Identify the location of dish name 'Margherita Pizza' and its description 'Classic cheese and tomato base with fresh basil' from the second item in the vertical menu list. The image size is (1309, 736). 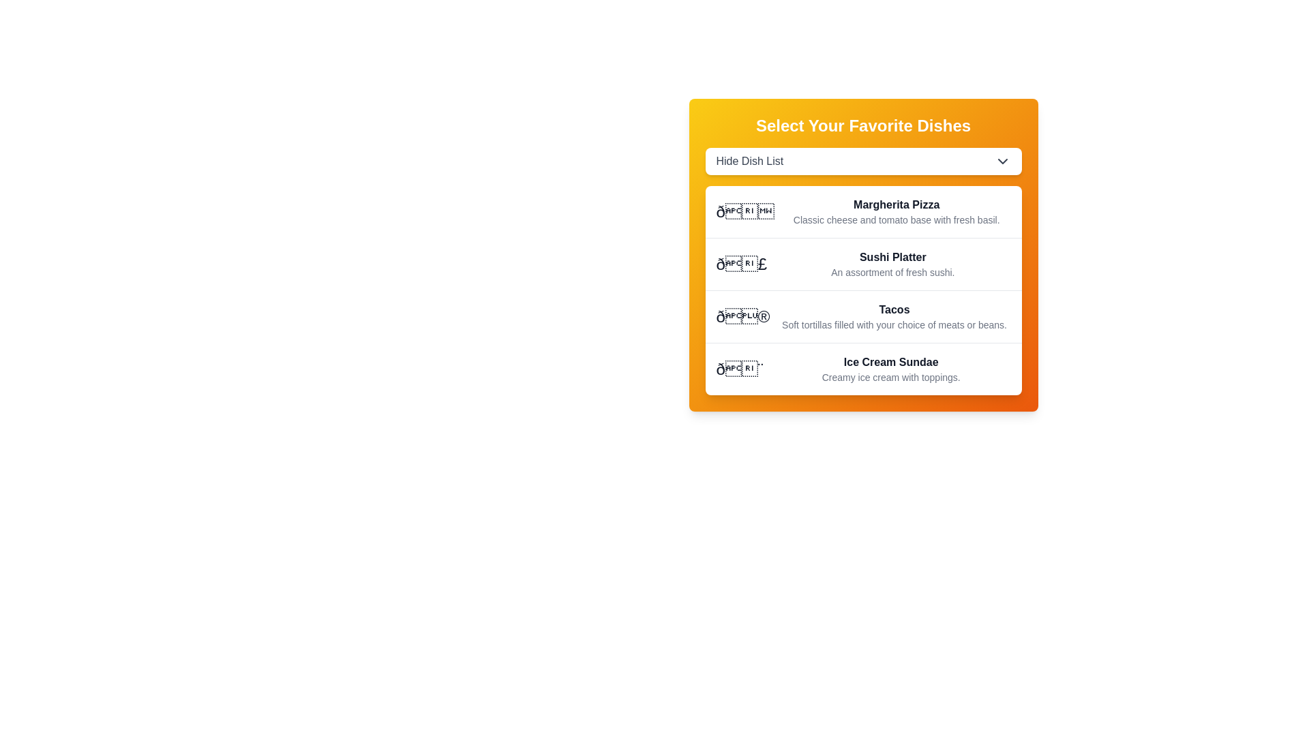
(897, 212).